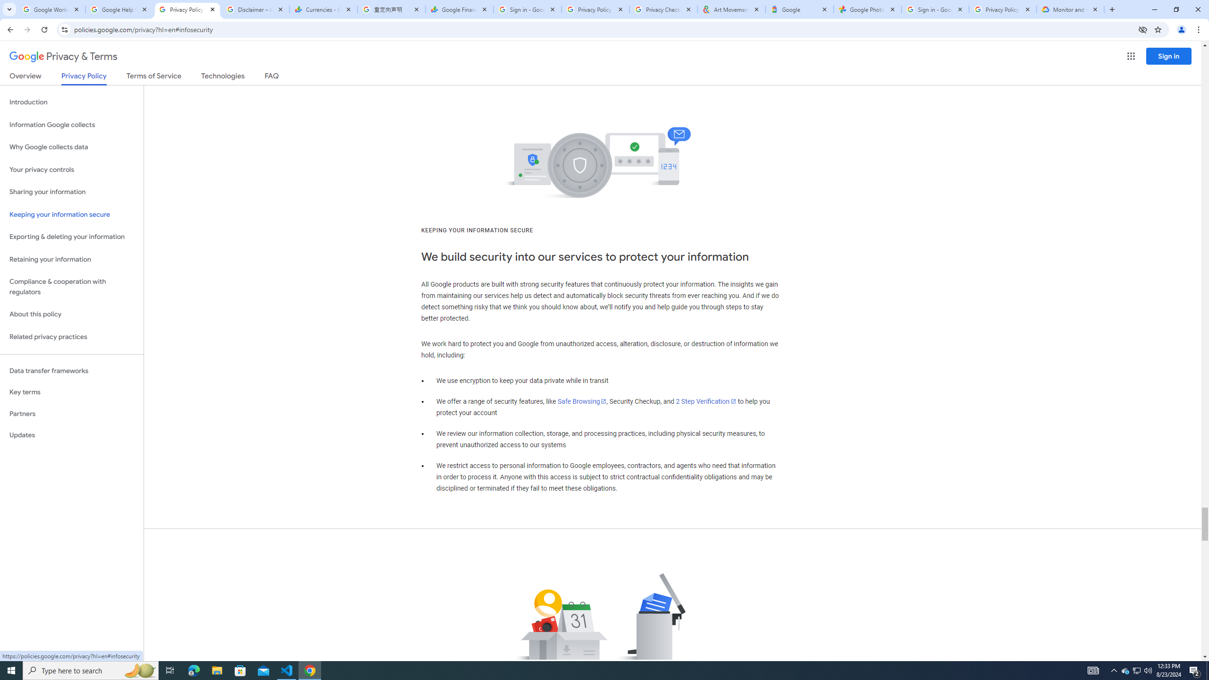  What do you see at coordinates (71, 191) in the screenshot?
I see `'Sharing your information'` at bounding box center [71, 191].